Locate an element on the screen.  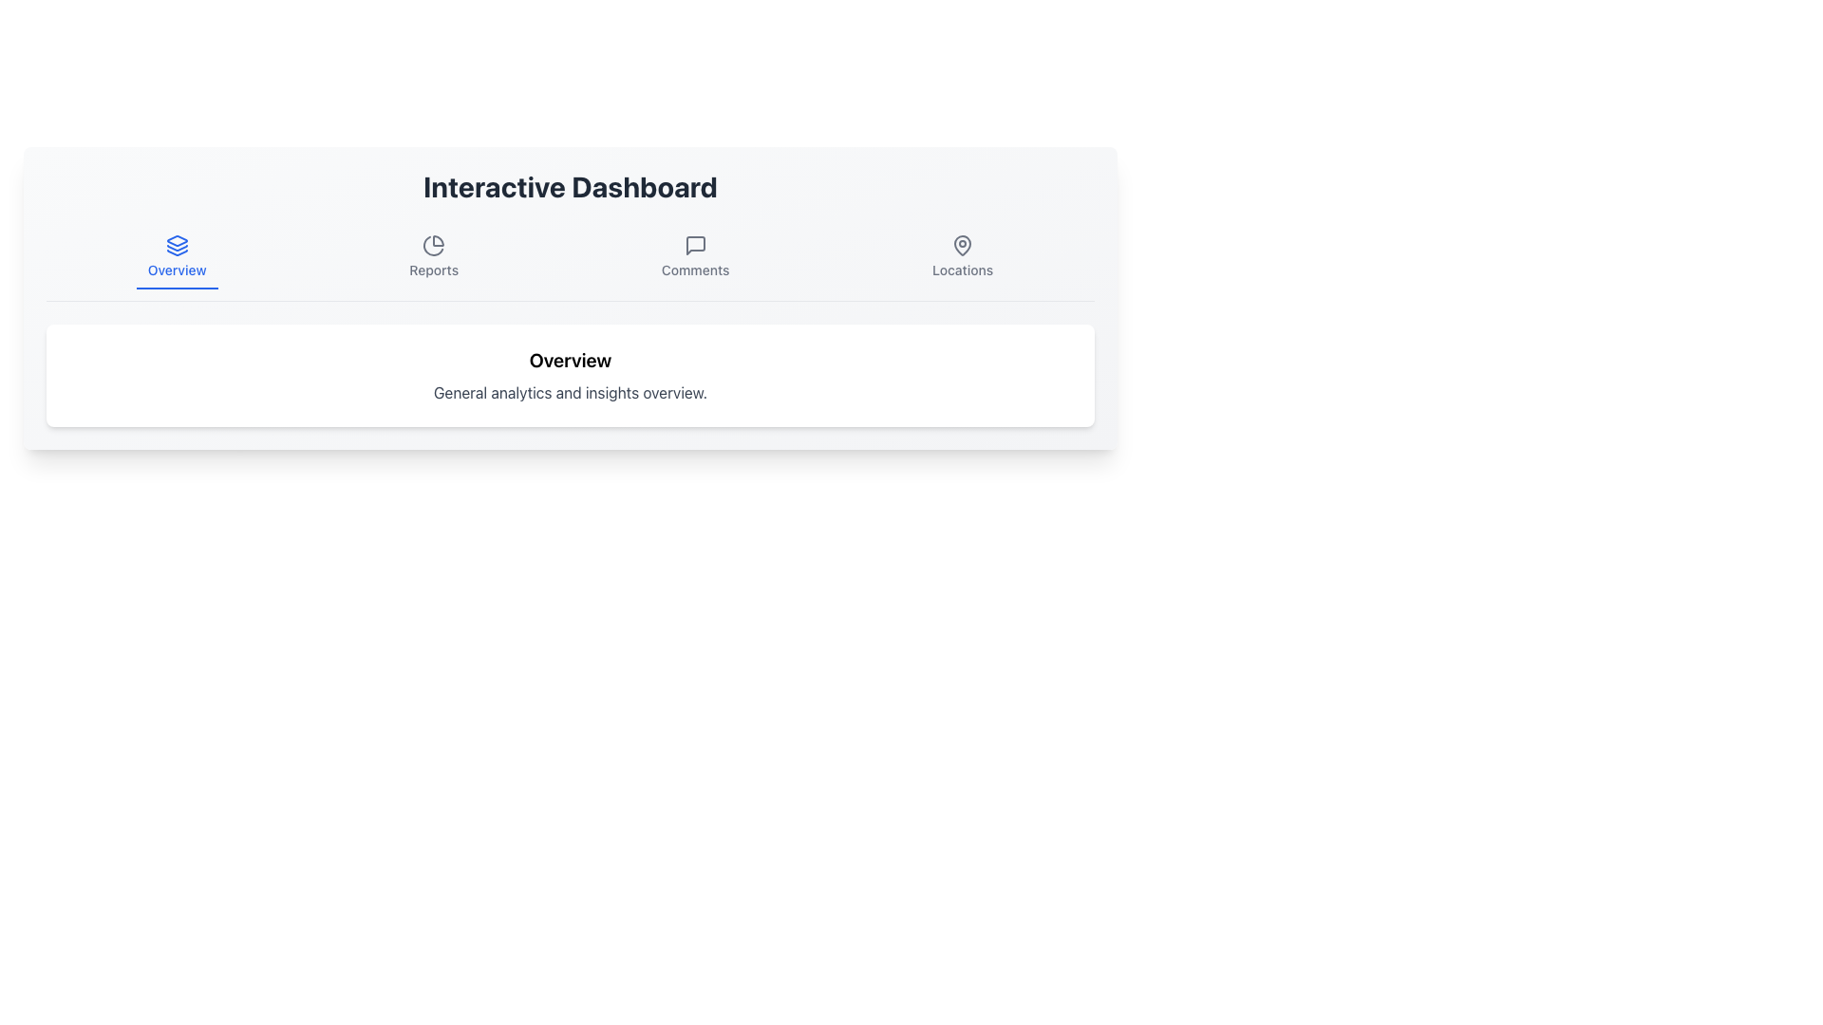
the Static text block labeled 'Overview' is located at coordinates (569, 376).